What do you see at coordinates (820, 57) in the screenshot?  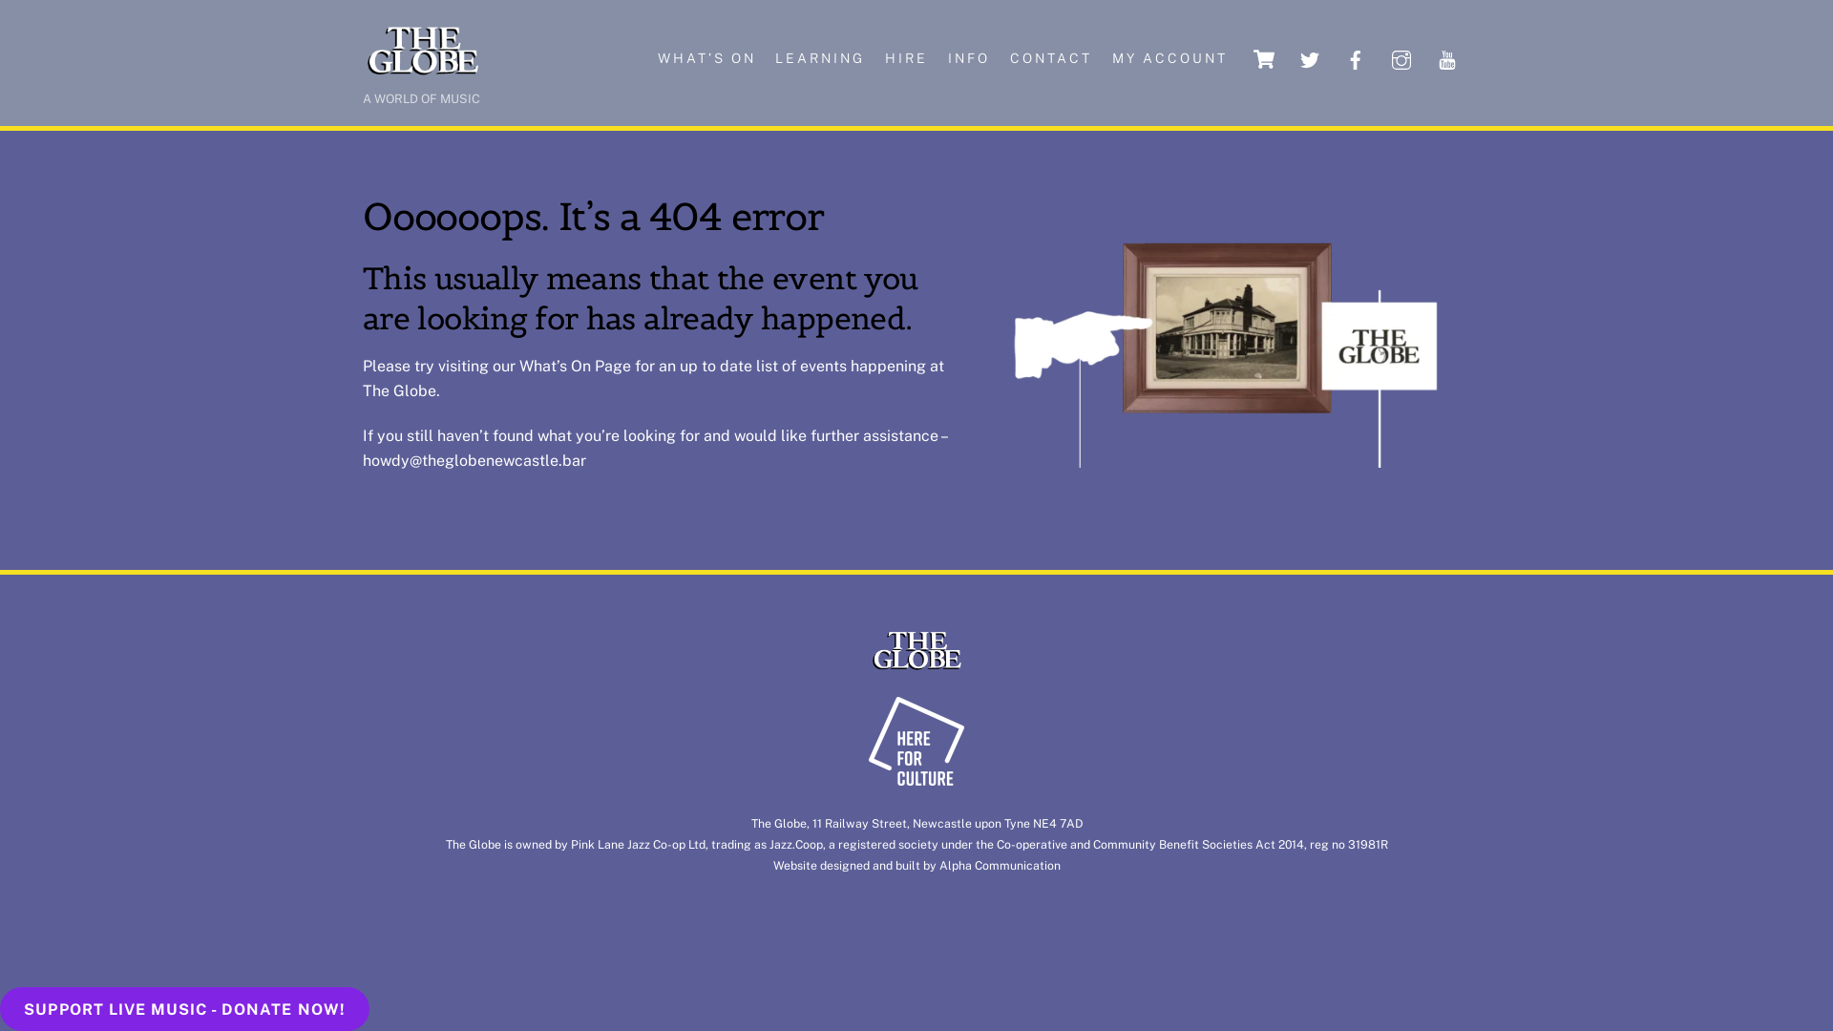 I see `'LEARNING'` at bounding box center [820, 57].